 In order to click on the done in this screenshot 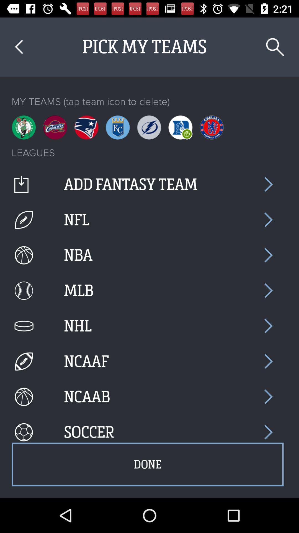, I will do `click(147, 464)`.